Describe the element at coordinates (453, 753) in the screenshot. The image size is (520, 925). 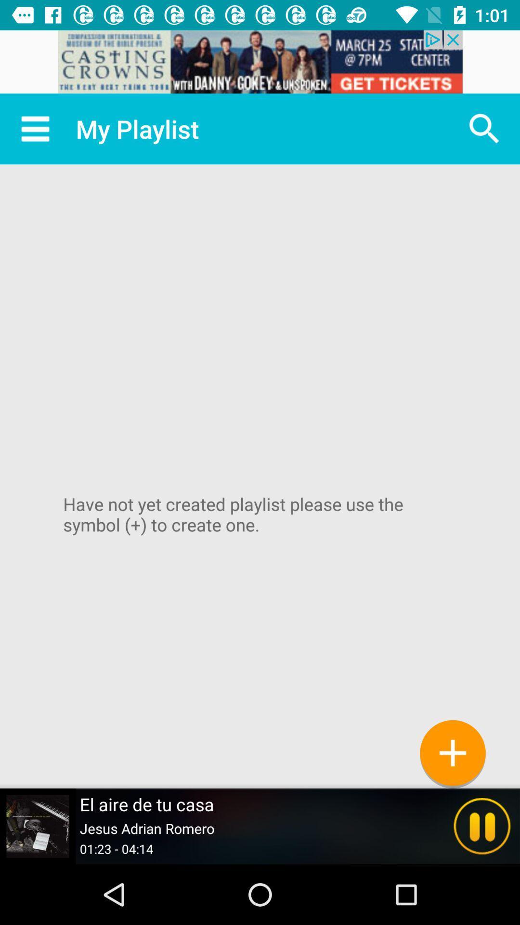
I see `the add icon` at that location.